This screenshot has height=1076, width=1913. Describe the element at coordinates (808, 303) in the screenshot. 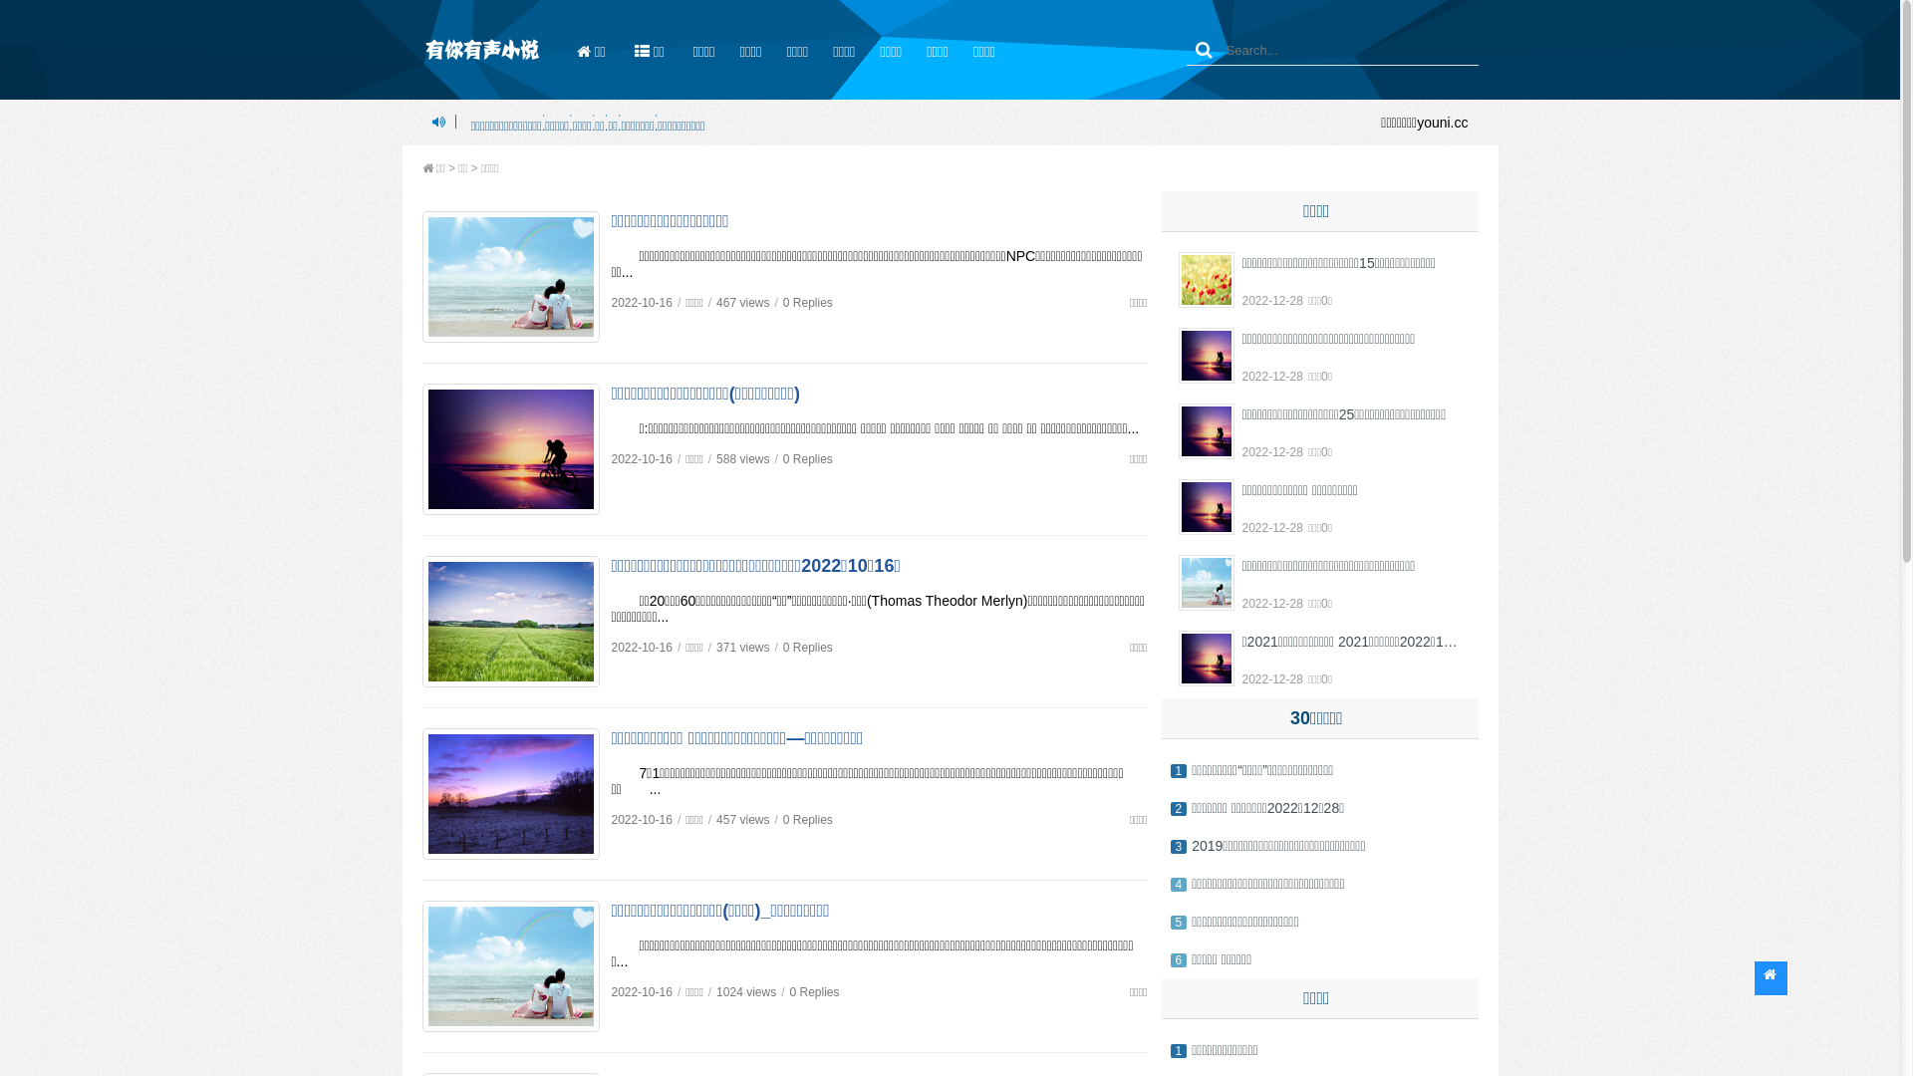

I see `'0 Replies'` at that location.